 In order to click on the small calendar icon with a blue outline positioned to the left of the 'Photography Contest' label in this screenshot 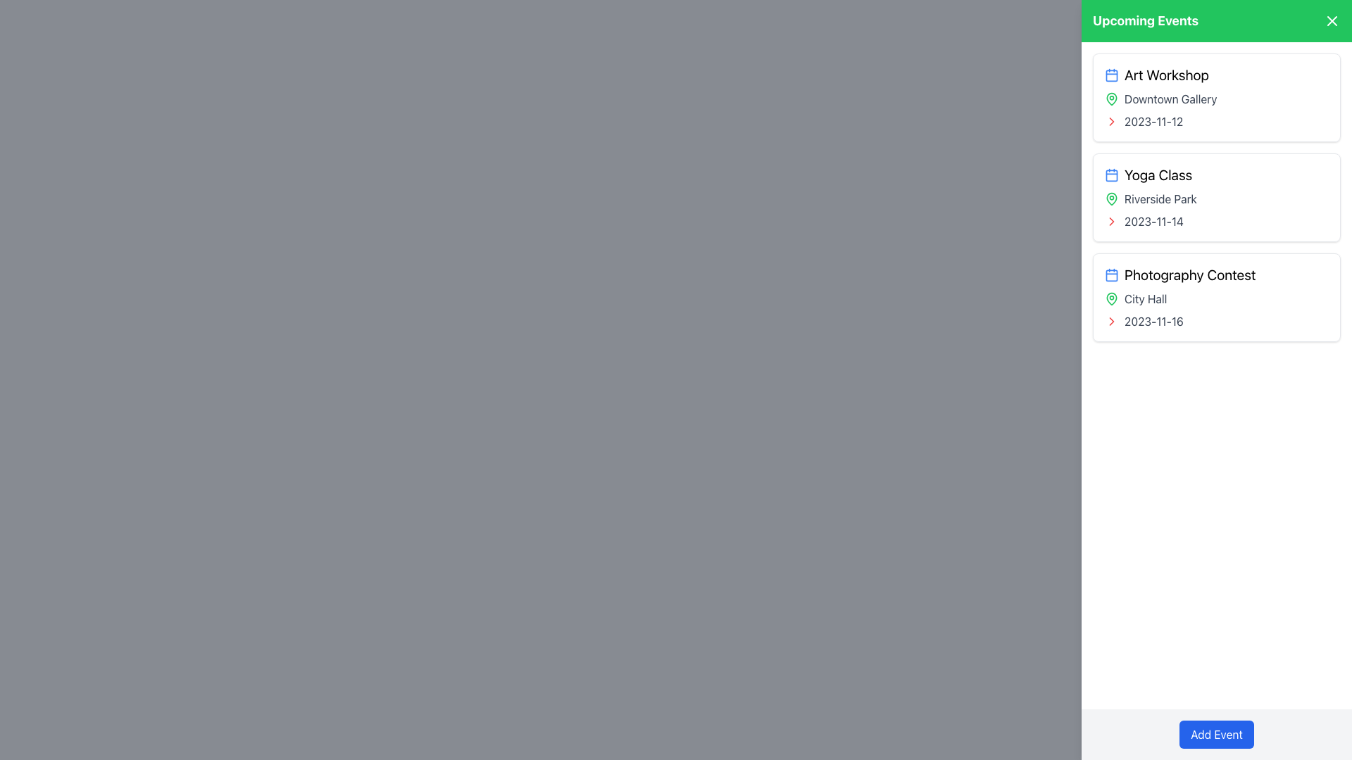, I will do `click(1111, 274)`.